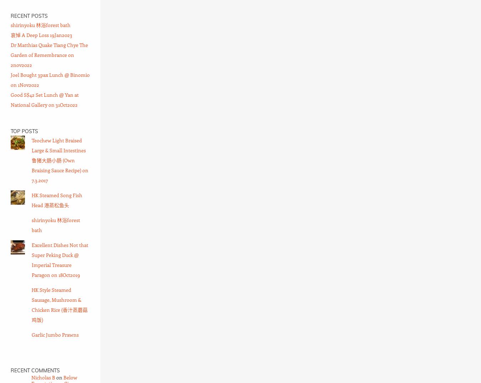 Image resolution: width=481 pixels, height=383 pixels. Describe the element at coordinates (59, 377) in the screenshot. I see `'on'` at that location.